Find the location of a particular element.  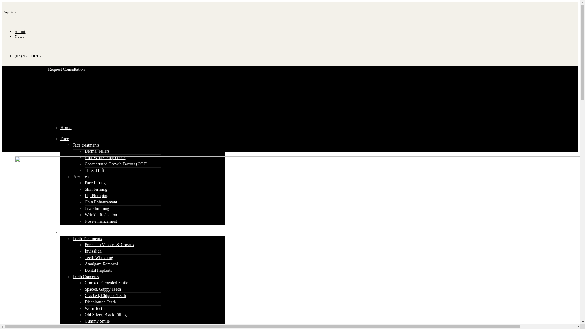

'Dental Implants' is located at coordinates (84, 270).